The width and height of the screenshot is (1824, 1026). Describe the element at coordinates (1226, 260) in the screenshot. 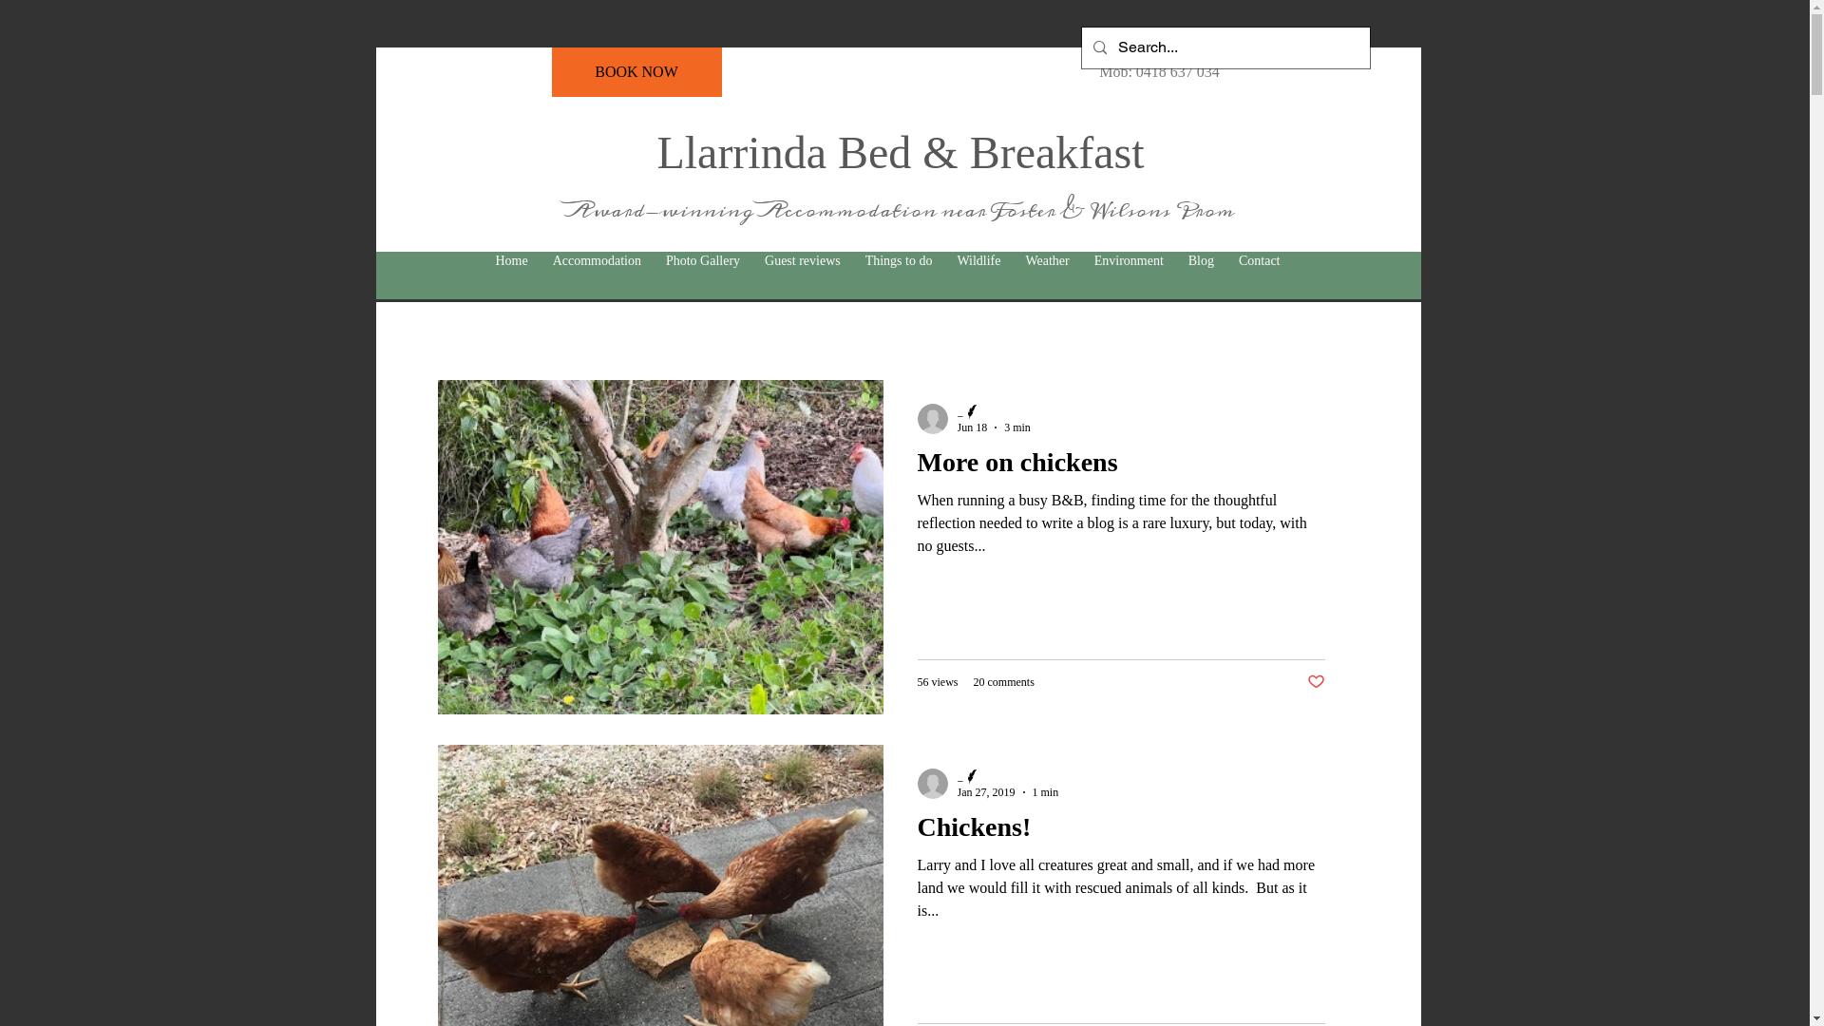

I see `'Contact'` at that location.